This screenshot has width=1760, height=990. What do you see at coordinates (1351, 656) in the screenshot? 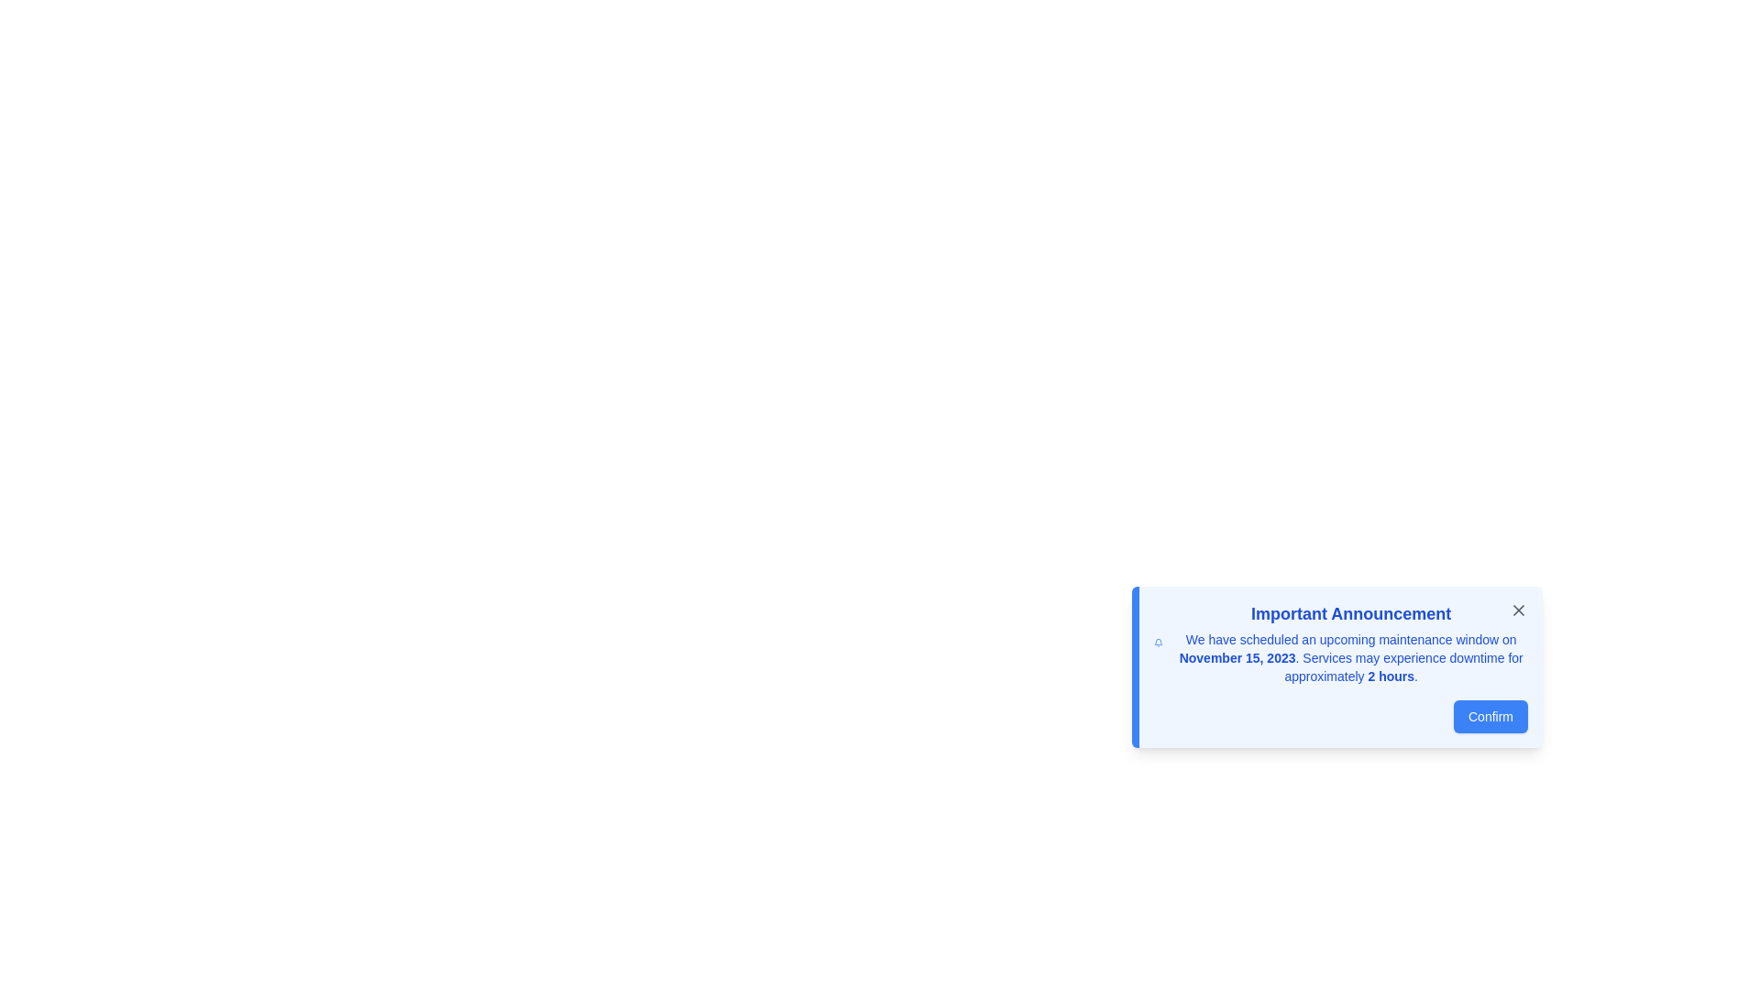
I see `the static text block conveying information about scheduled maintenance located below the 'Important Announcement' heading in the notification dialog` at bounding box center [1351, 656].